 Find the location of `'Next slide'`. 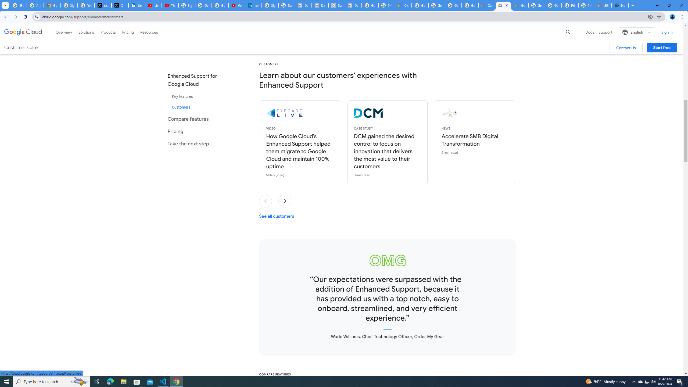

'Next slide' is located at coordinates (285, 201).